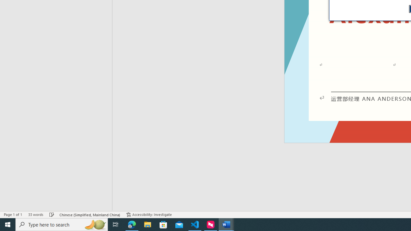  What do you see at coordinates (149, 215) in the screenshot?
I see `'Accessibility Checker Accessibility: Investigate'` at bounding box center [149, 215].